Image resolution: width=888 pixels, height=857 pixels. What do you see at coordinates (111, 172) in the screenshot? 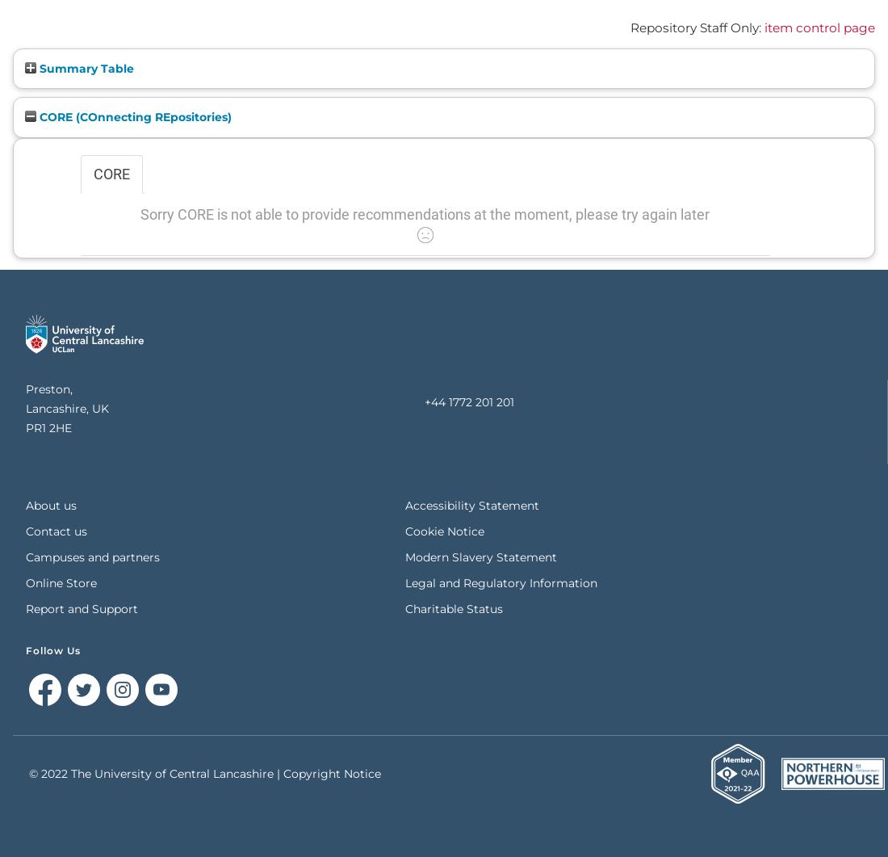
I see `'CORE'` at bounding box center [111, 172].